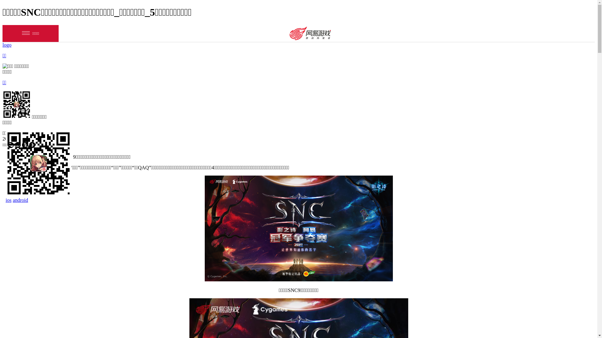 The width and height of the screenshot is (602, 338). What do you see at coordinates (7, 44) in the screenshot?
I see `'logo'` at bounding box center [7, 44].